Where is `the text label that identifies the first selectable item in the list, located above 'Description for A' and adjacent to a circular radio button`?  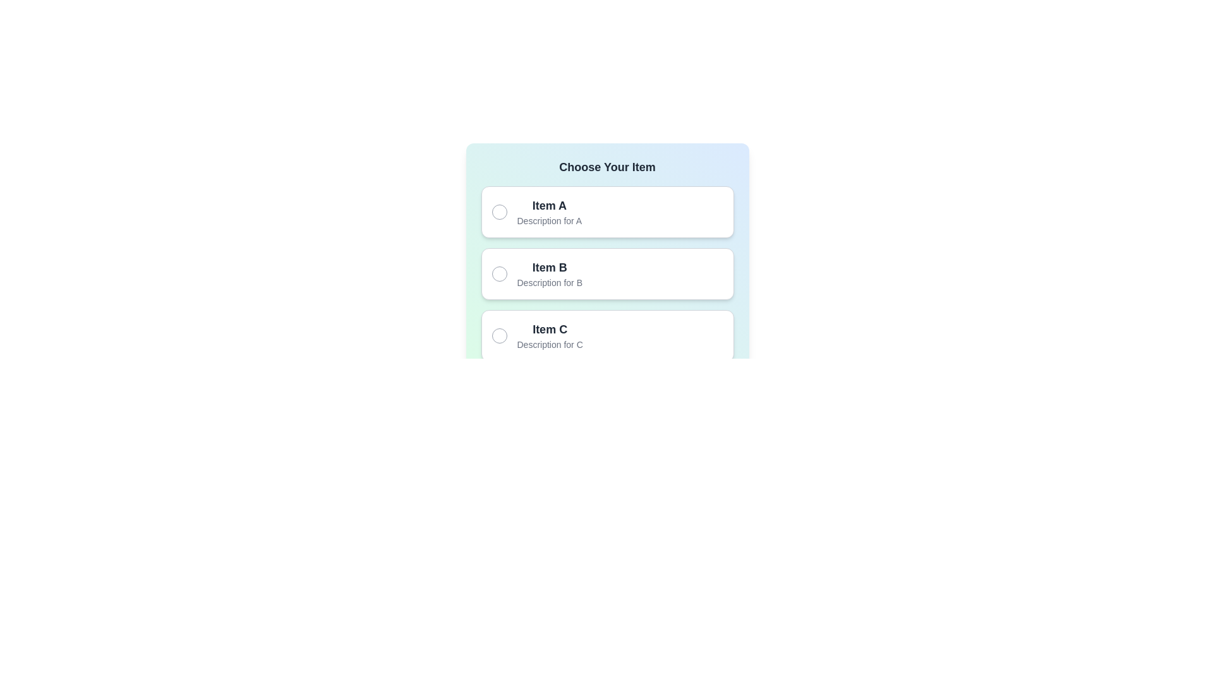 the text label that identifies the first selectable item in the list, located above 'Description for A' and adjacent to a circular radio button is located at coordinates (549, 205).